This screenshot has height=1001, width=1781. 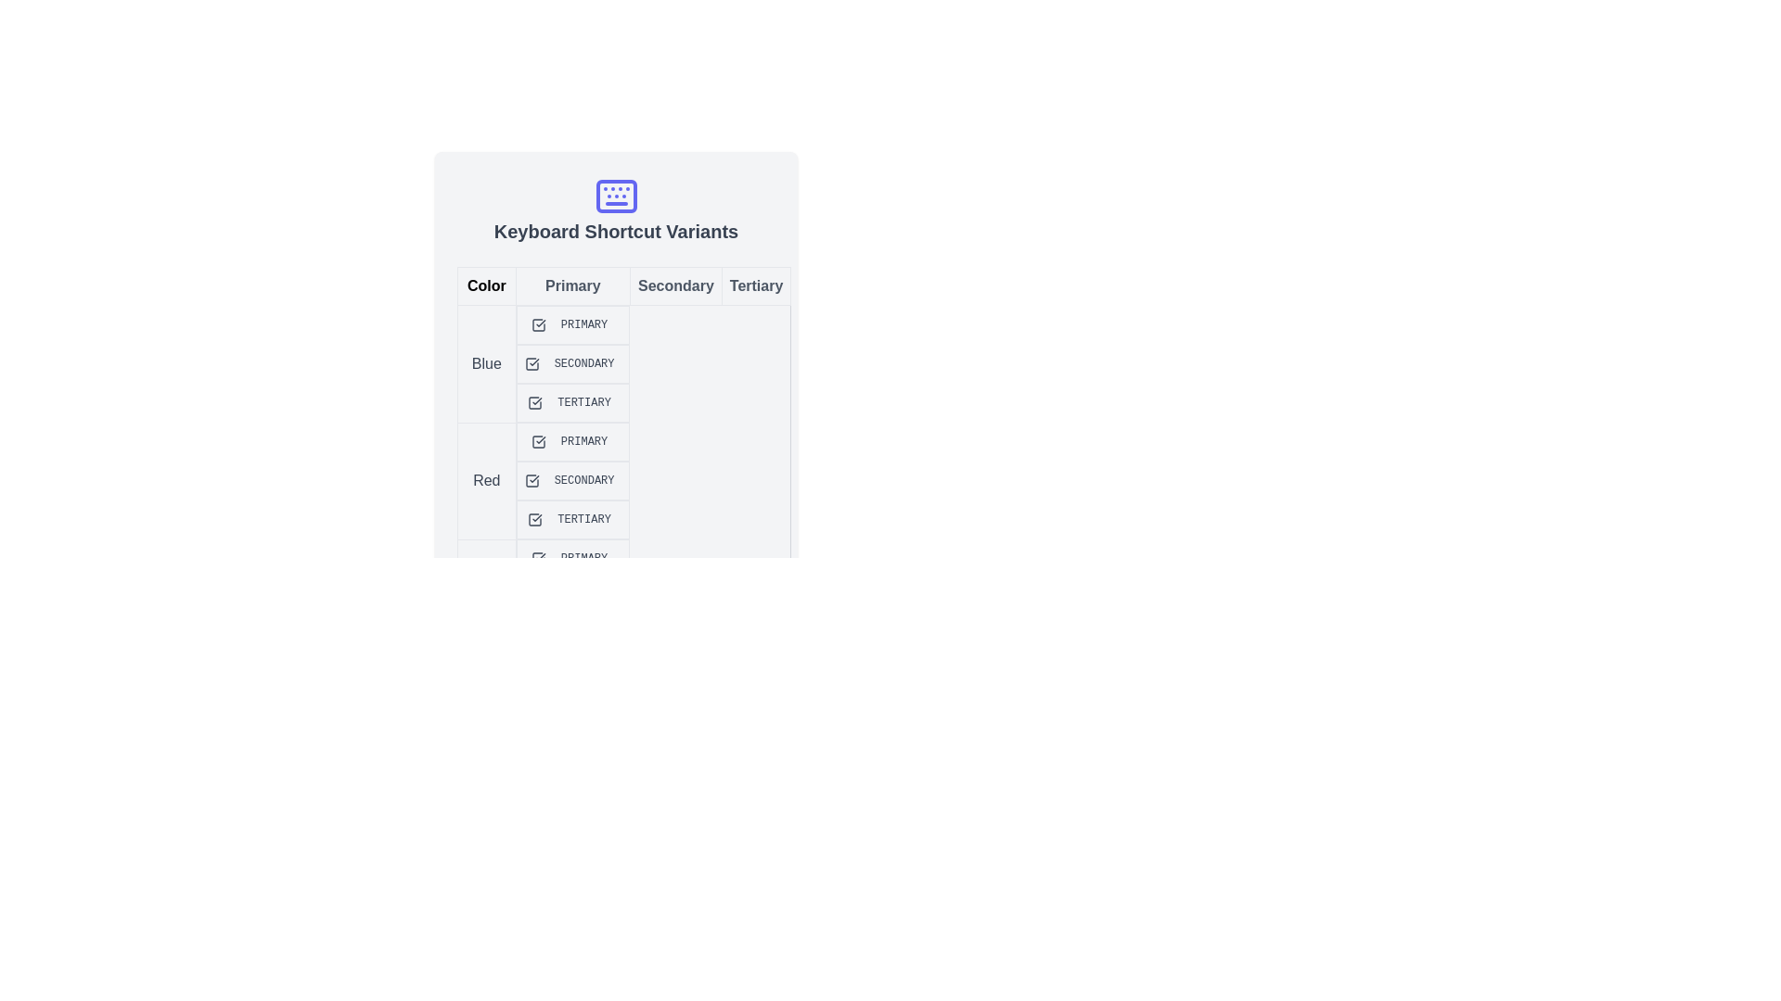 I want to click on the rectangular component of the keyboard-like icon located in the center of the icon, beneath the top row of small circles and above the bottom horizontal bar, so click(x=616, y=196).